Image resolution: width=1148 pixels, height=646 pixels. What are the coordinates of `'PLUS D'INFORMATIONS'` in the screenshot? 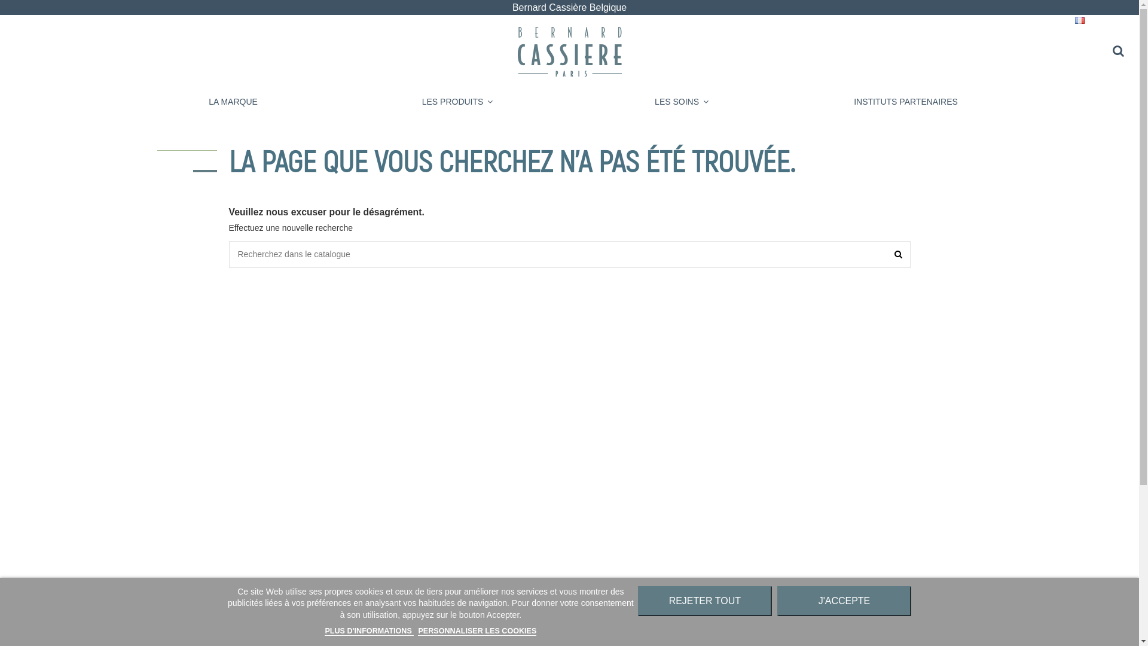 It's located at (368, 630).